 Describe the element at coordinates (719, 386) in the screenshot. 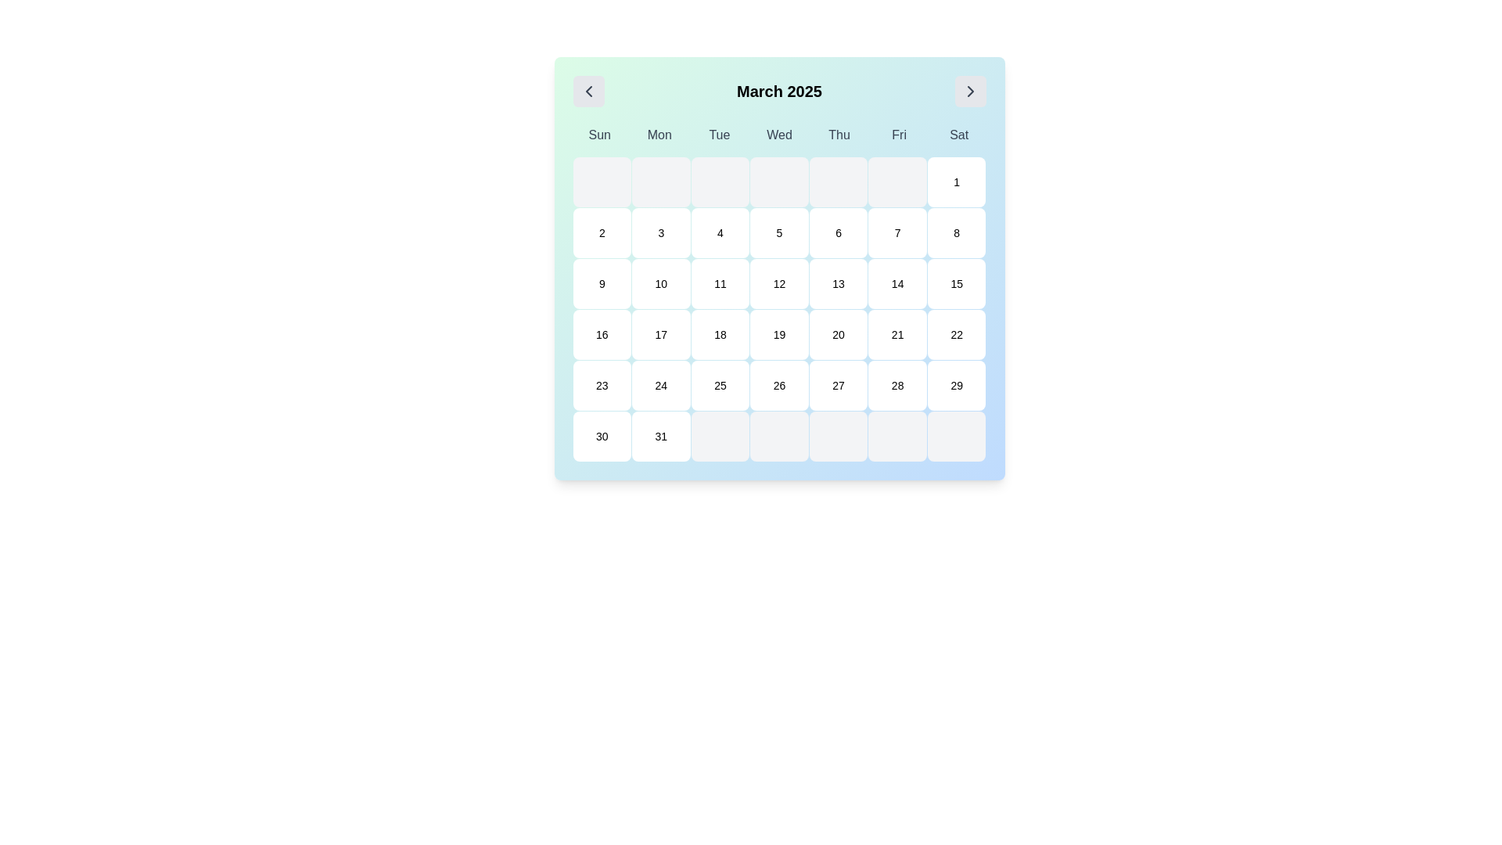

I see `the Calendar day cell displaying the number '25', which is a square-shaped box with a white background and rounded corners, located in the fifth row and fifth column of the grid` at that location.